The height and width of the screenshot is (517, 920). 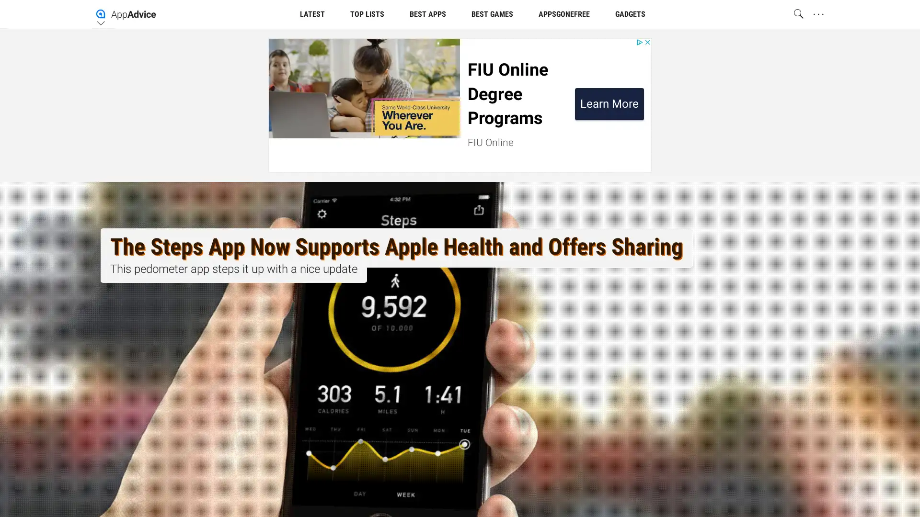 I want to click on Collections, so click(x=389, y=90).